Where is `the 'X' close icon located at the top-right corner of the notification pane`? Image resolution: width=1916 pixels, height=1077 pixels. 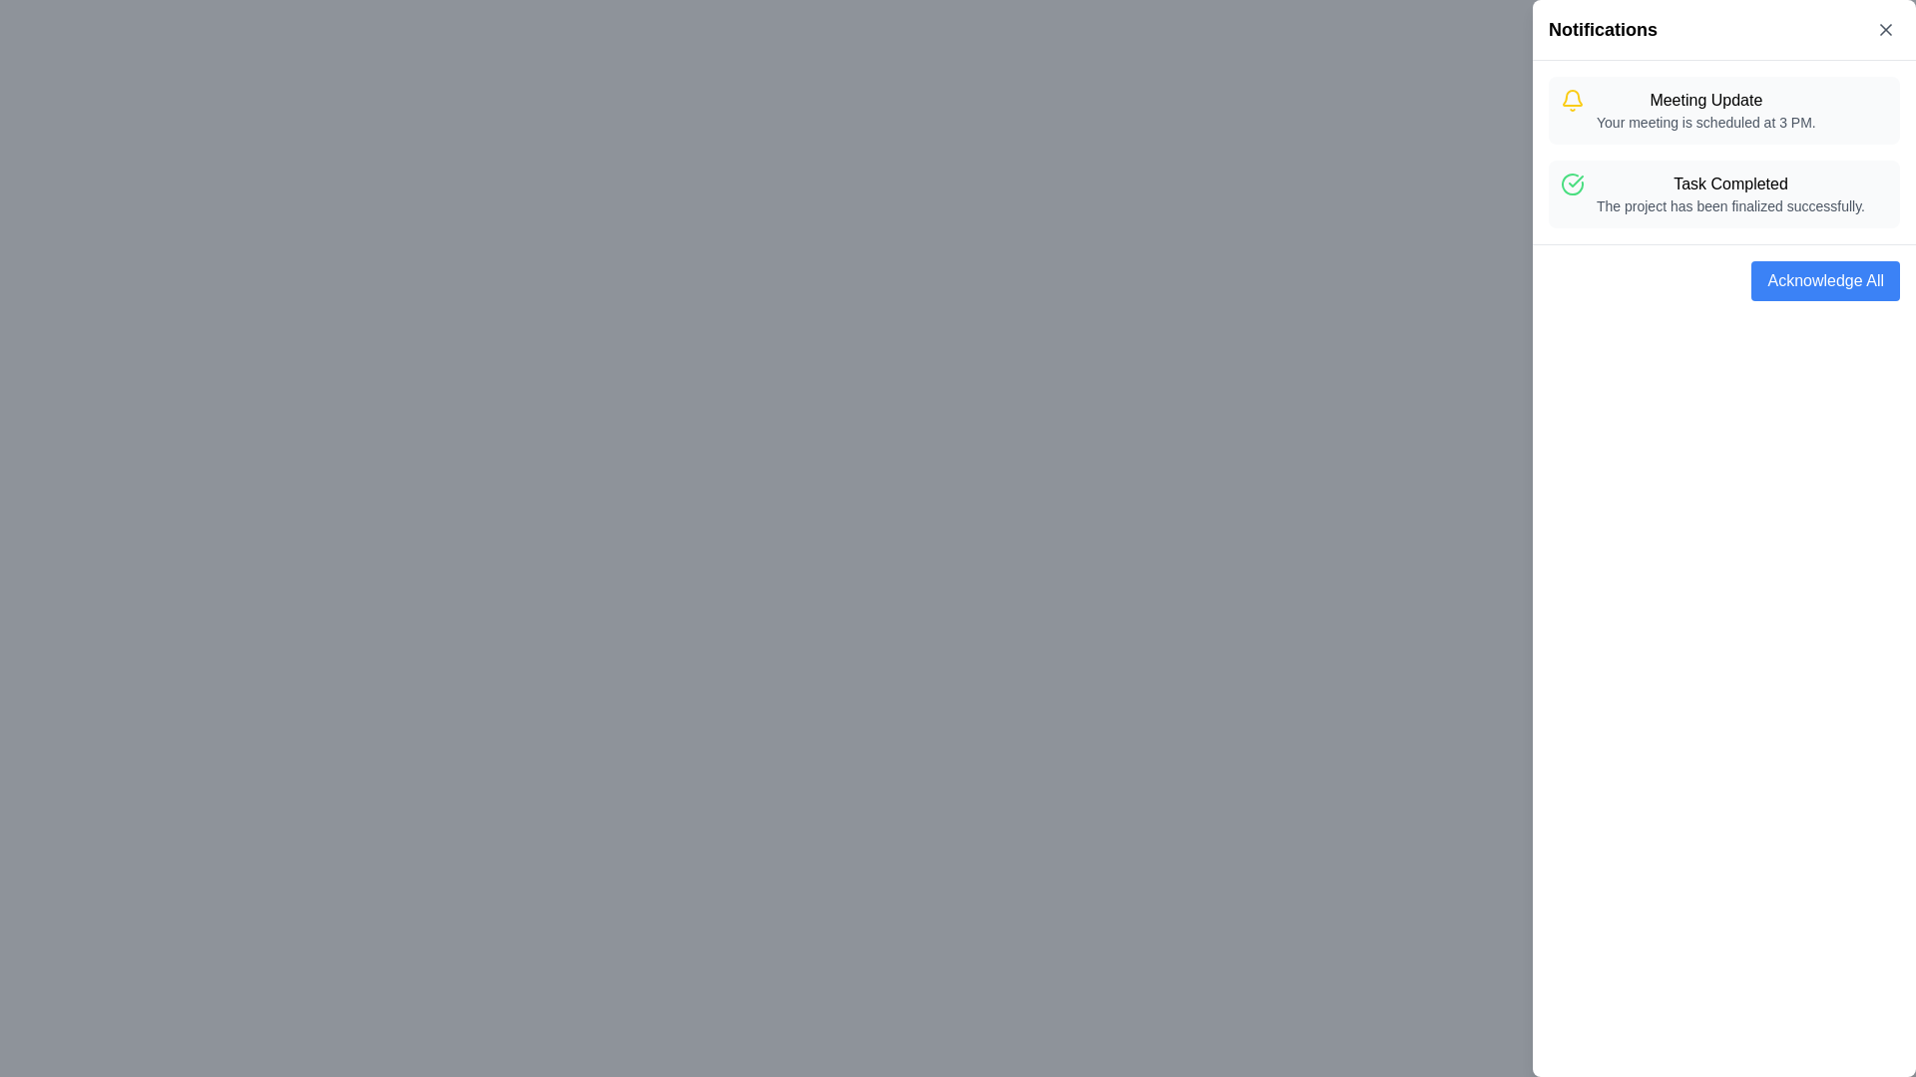
the 'X' close icon located at the top-right corner of the notification pane is located at coordinates (1885, 30).